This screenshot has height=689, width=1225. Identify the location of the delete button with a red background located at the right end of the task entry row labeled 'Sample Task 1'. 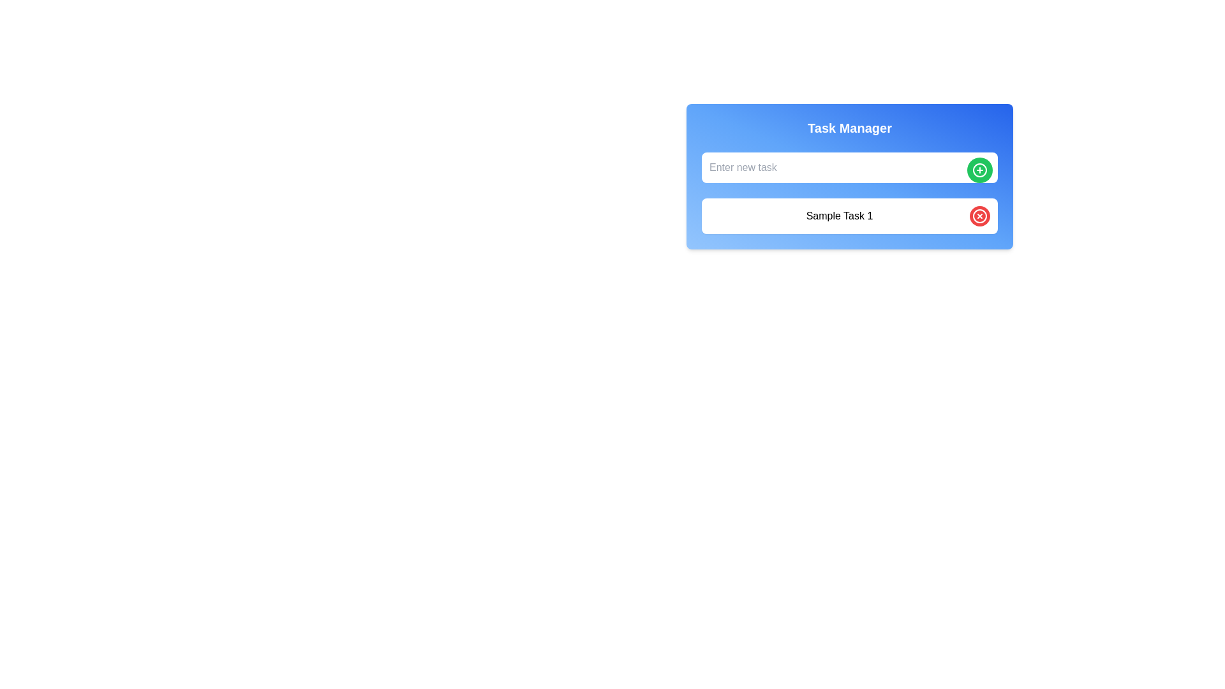
(979, 216).